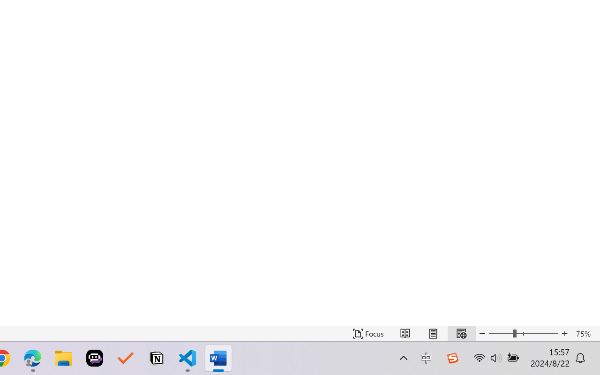 The width and height of the screenshot is (600, 375). I want to click on 'Web Layout', so click(461, 333).